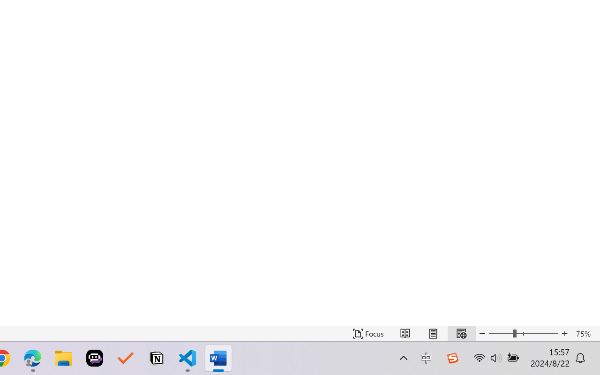 The width and height of the screenshot is (600, 375). I want to click on 'Web Layout', so click(461, 333).